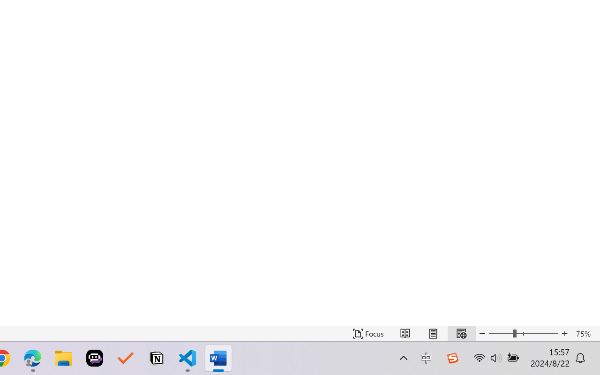 The width and height of the screenshot is (600, 375). I want to click on 'Web Layout', so click(461, 333).